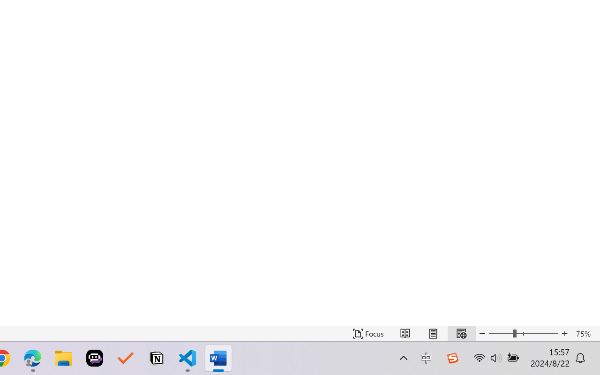 The width and height of the screenshot is (600, 375). I want to click on 'Web Layout', so click(461, 333).